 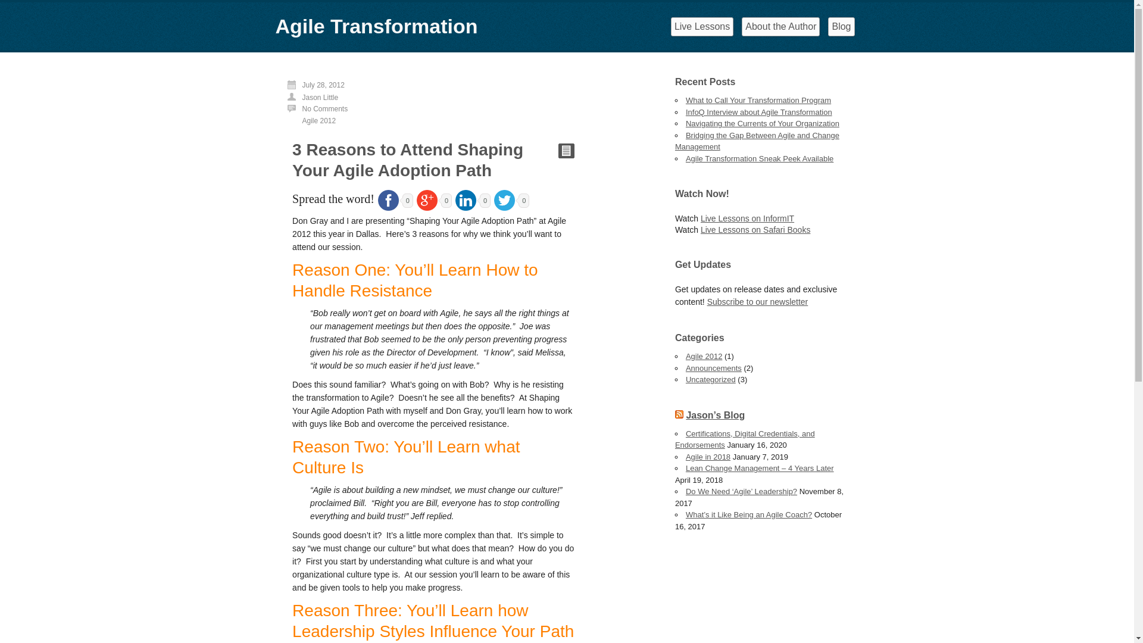 What do you see at coordinates (840, 27) in the screenshot?
I see `'Blog'` at bounding box center [840, 27].